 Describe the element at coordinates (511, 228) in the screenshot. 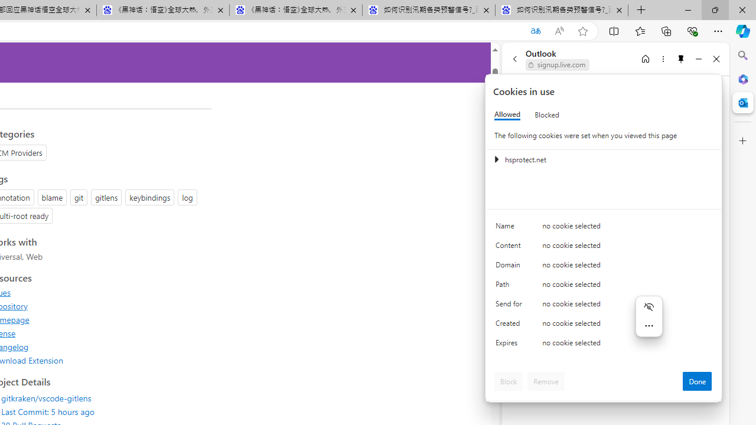

I see `'Name'` at that location.